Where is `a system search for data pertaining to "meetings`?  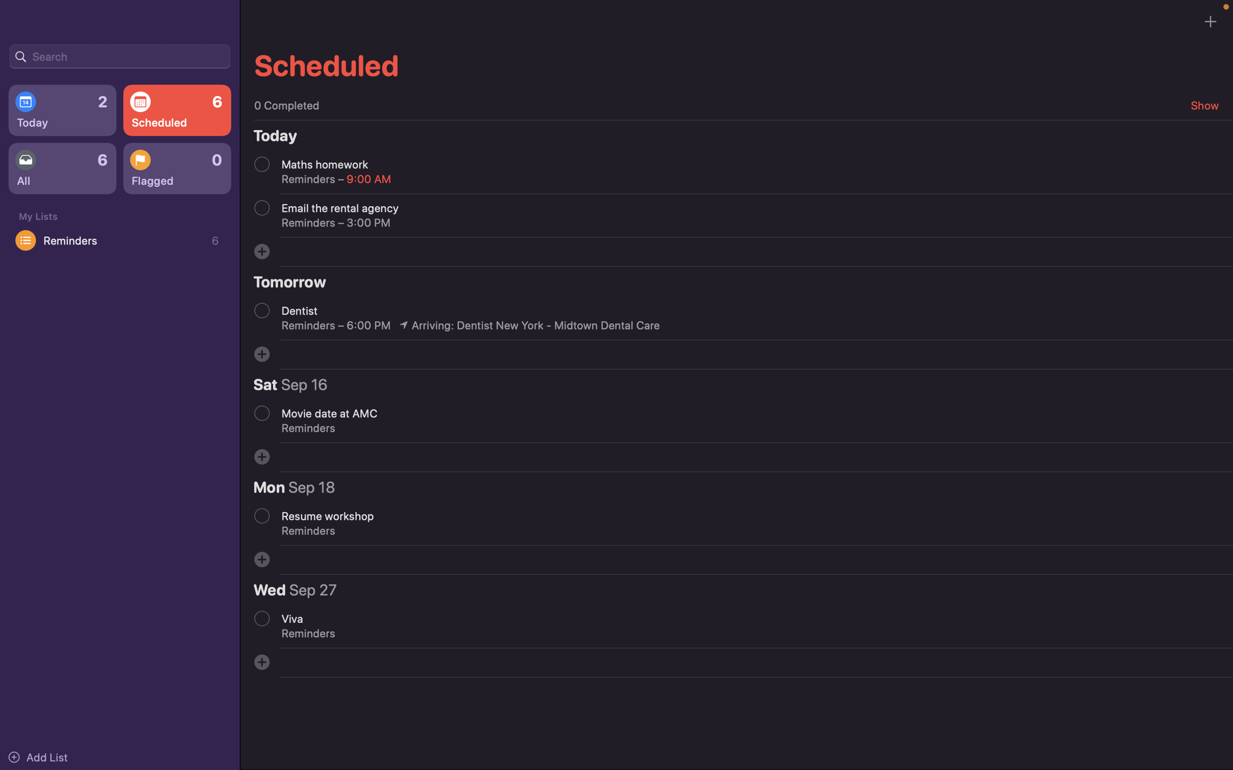 a system search for data pertaining to "meetings is located at coordinates (119, 55).